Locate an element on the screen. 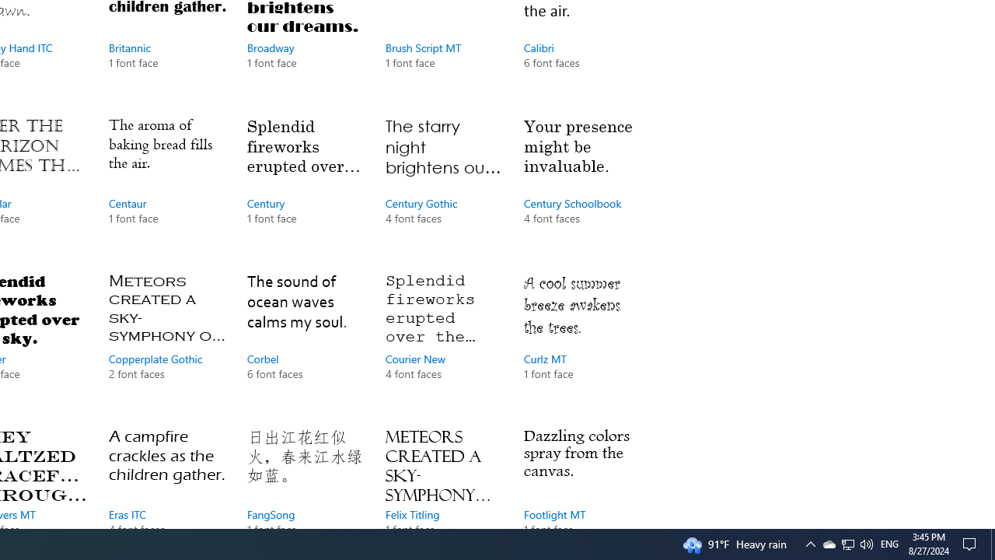  'Century, 1 font face' is located at coordinates (305, 185).